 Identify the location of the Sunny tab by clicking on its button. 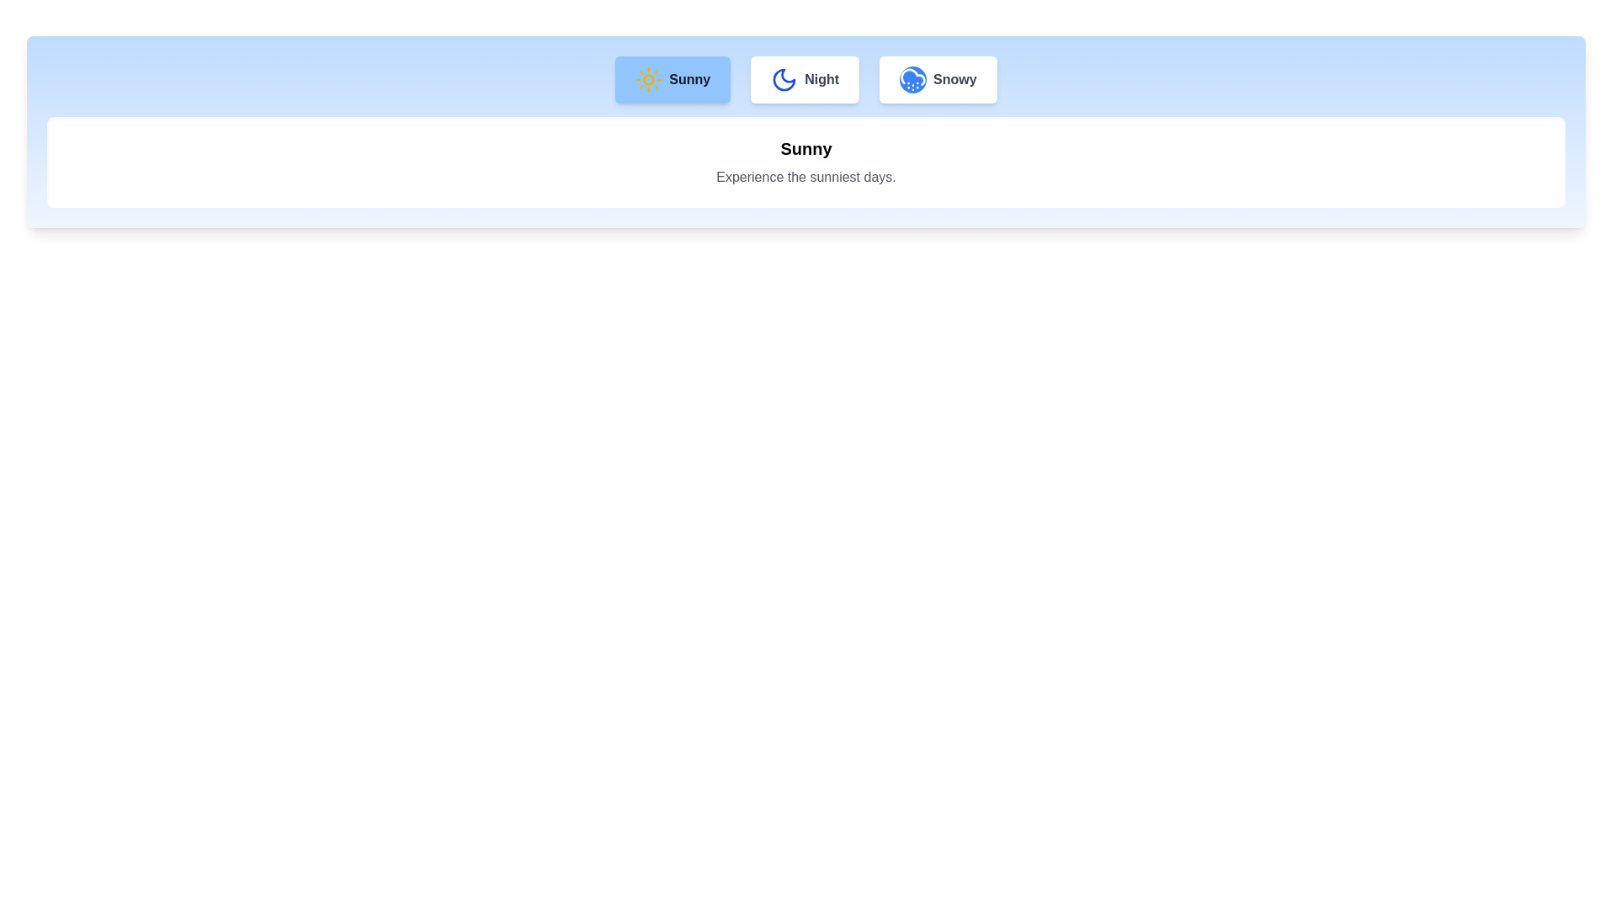
(672, 80).